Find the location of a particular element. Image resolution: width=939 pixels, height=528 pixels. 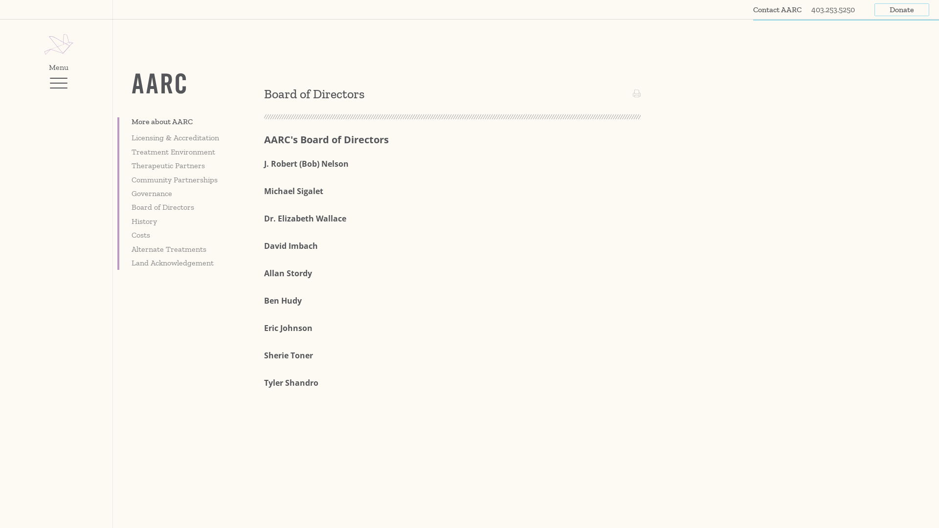

'Treatment Environment' is located at coordinates (131, 152).